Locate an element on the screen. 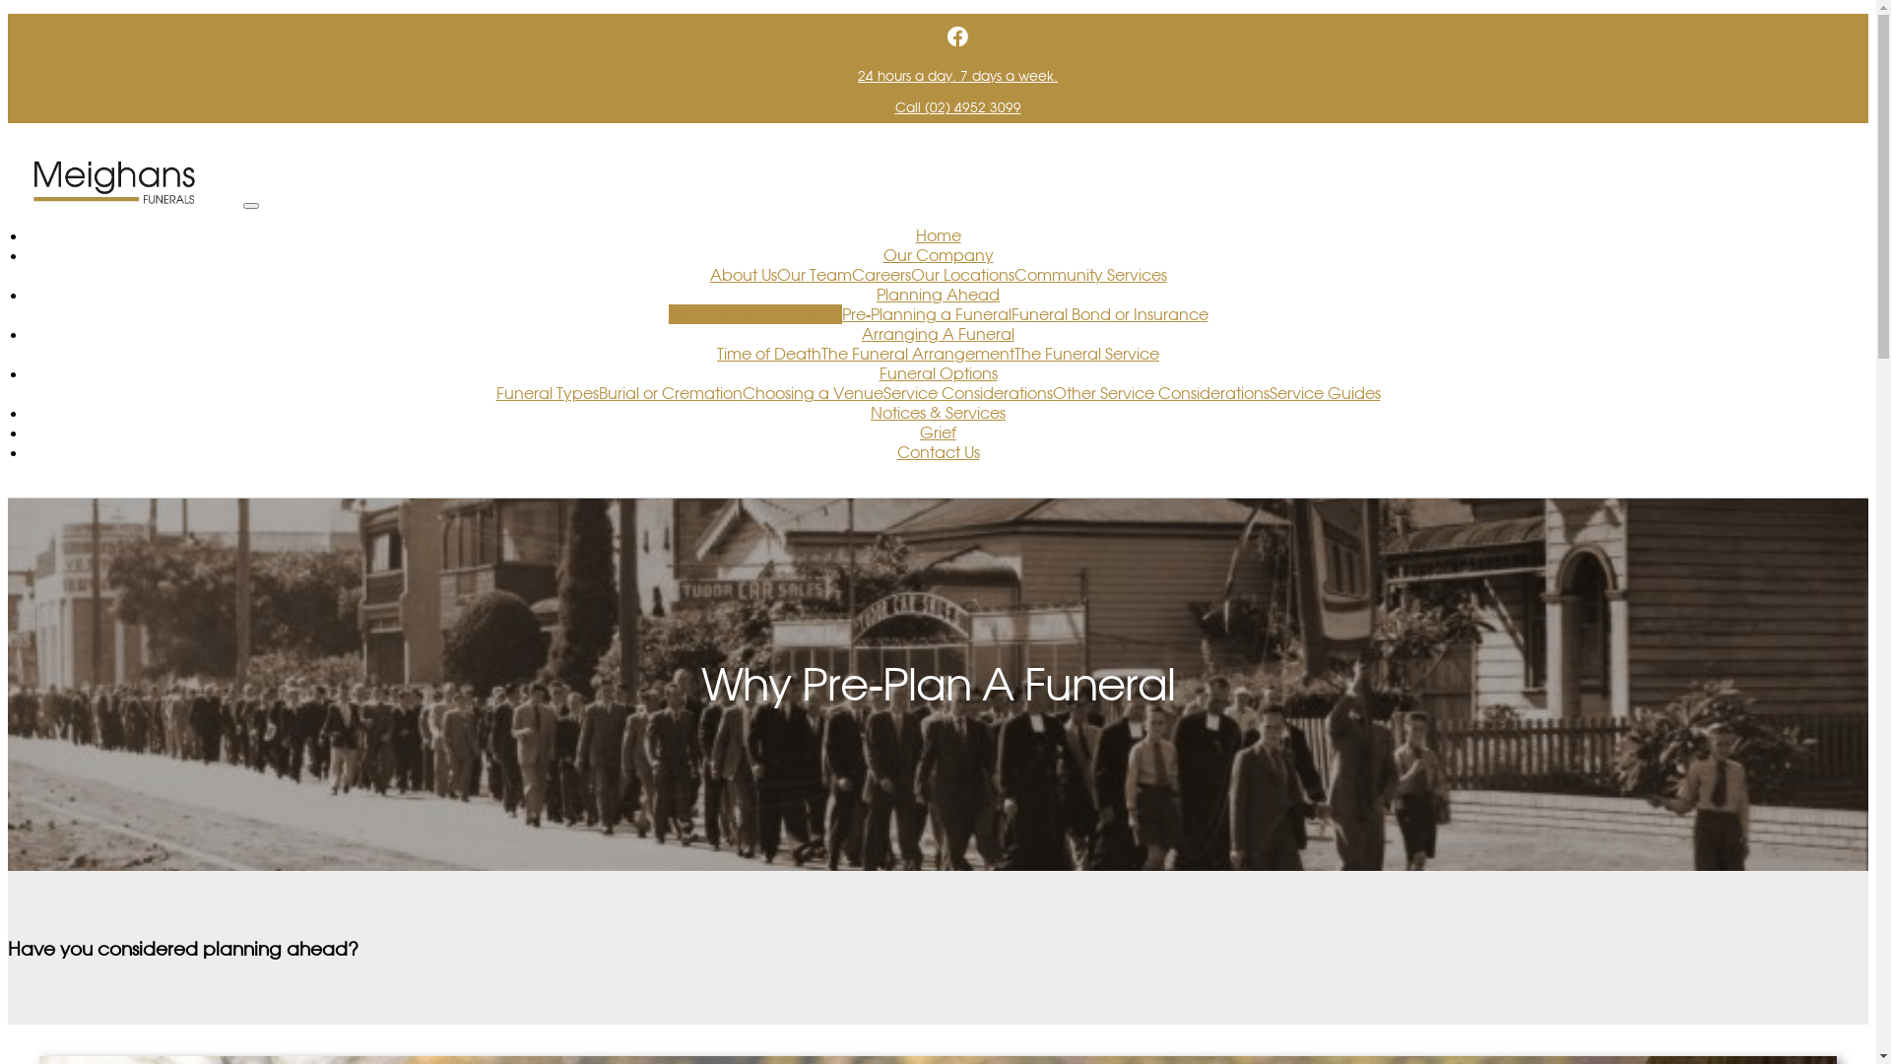 The width and height of the screenshot is (1891, 1064). 'Contact Us' is located at coordinates (936, 452).